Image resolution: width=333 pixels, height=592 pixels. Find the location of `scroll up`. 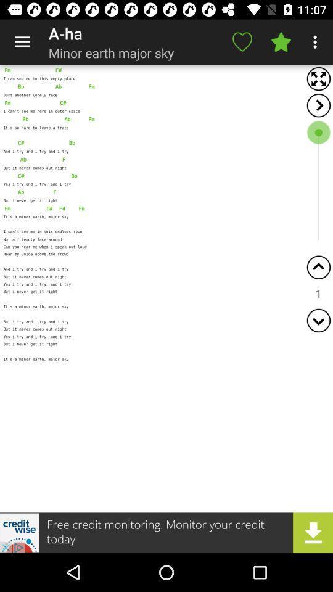

scroll up is located at coordinates (318, 267).